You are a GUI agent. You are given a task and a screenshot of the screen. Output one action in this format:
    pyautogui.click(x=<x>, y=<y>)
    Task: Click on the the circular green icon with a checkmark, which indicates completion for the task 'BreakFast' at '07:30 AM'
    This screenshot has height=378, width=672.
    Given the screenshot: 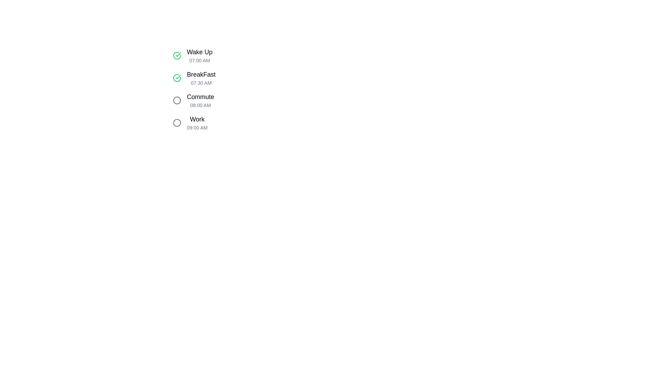 What is the action you would take?
    pyautogui.click(x=177, y=78)
    